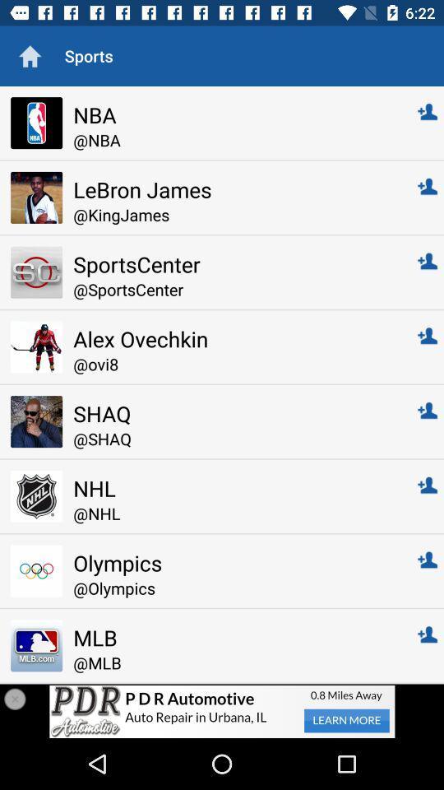  What do you see at coordinates (30, 56) in the screenshot?
I see `icon to the left of the sports` at bounding box center [30, 56].